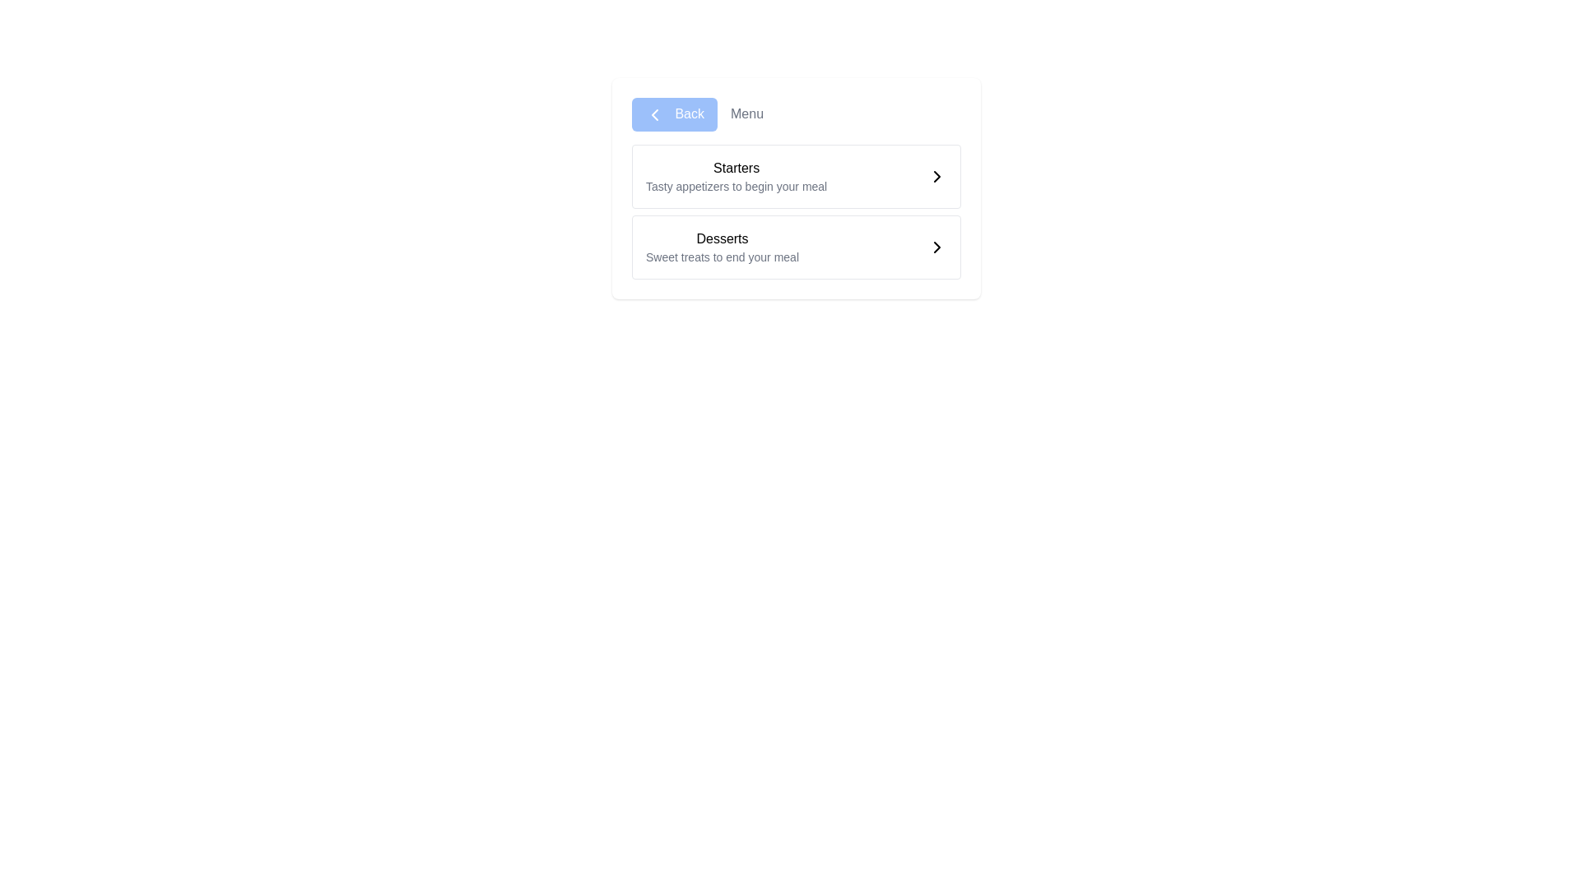 This screenshot has height=888, width=1580. What do you see at coordinates (723, 257) in the screenshot?
I see `the static text component reading 'Sweet treats to end your meal', which is positioned beneath the bolded title 'Desserts'` at bounding box center [723, 257].